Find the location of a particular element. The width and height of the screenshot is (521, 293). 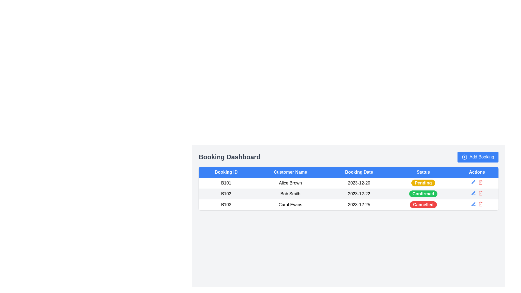

the Status indicator label located in the 'Status' column of the first row, which indicates that the associated booking is currently pending attention or processing is located at coordinates (423, 183).